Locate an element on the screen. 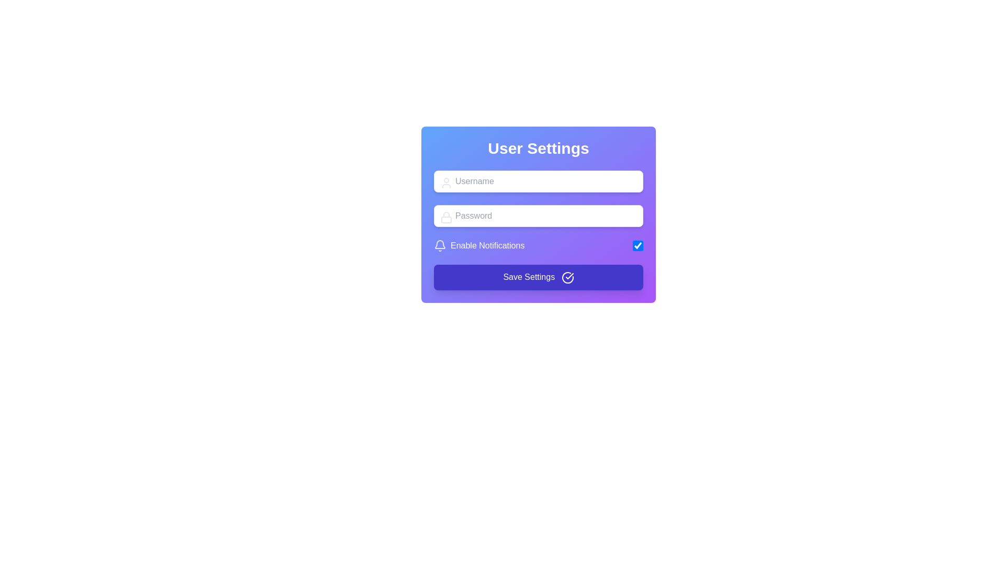 This screenshot has height=565, width=1005. the username input field is located at coordinates (538, 181).